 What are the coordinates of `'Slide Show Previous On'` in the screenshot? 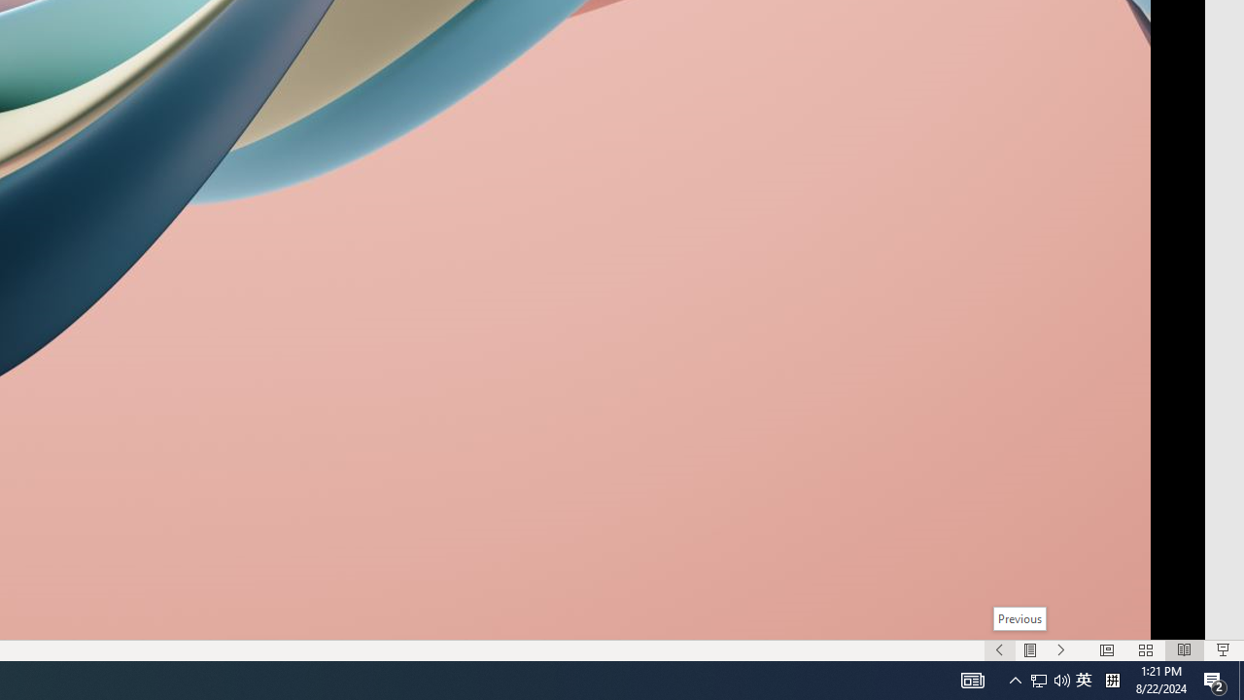 It's located at (999, 650).